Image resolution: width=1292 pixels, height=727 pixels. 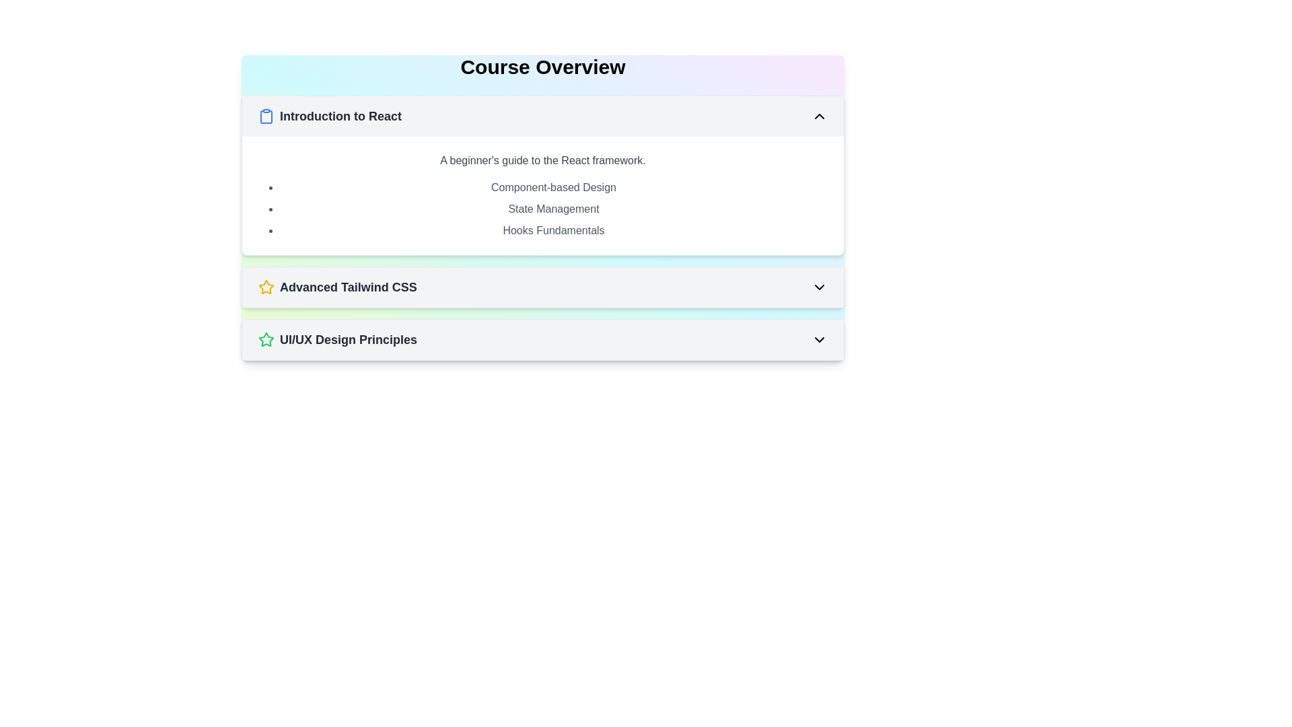 I want to click on the decorative icon located at the leftmost position of the 'Introduction to React' section header, so click(x=266, y=116).